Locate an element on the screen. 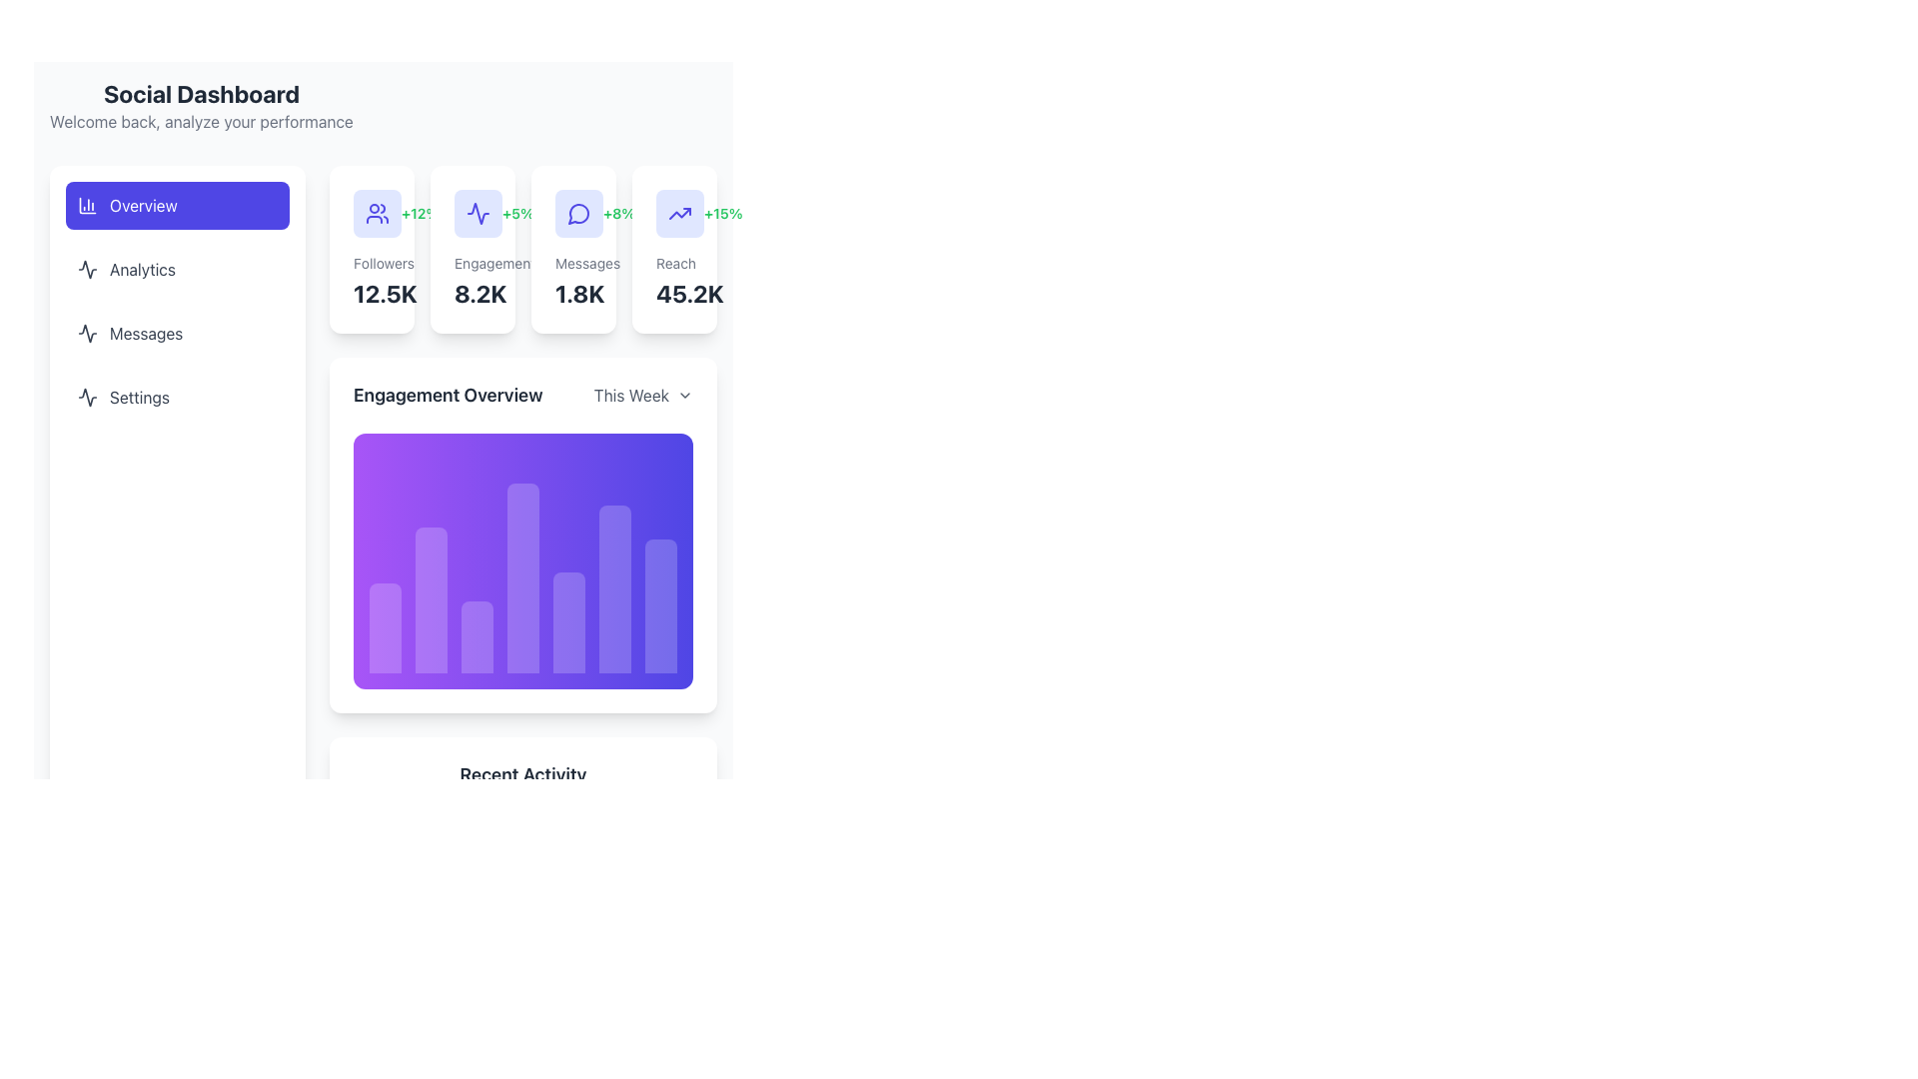  the 'Engagement' icon located in the third card of the top section of the social dashboard to access associated data is located at coordinates (478, 213).